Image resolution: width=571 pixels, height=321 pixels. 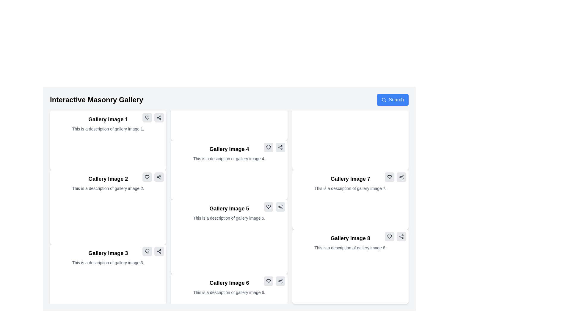 What do you see at coordinates (108, 119) in the screenshot?
I see `the Text Label that serves as a title or heading for the gallery item, located in the top-left corner of the gallery layout, above the textual description` at bounding box center [108, 119].